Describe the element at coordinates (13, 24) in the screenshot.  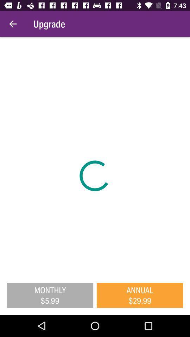
I see `item to the left of upgrade` at that location.